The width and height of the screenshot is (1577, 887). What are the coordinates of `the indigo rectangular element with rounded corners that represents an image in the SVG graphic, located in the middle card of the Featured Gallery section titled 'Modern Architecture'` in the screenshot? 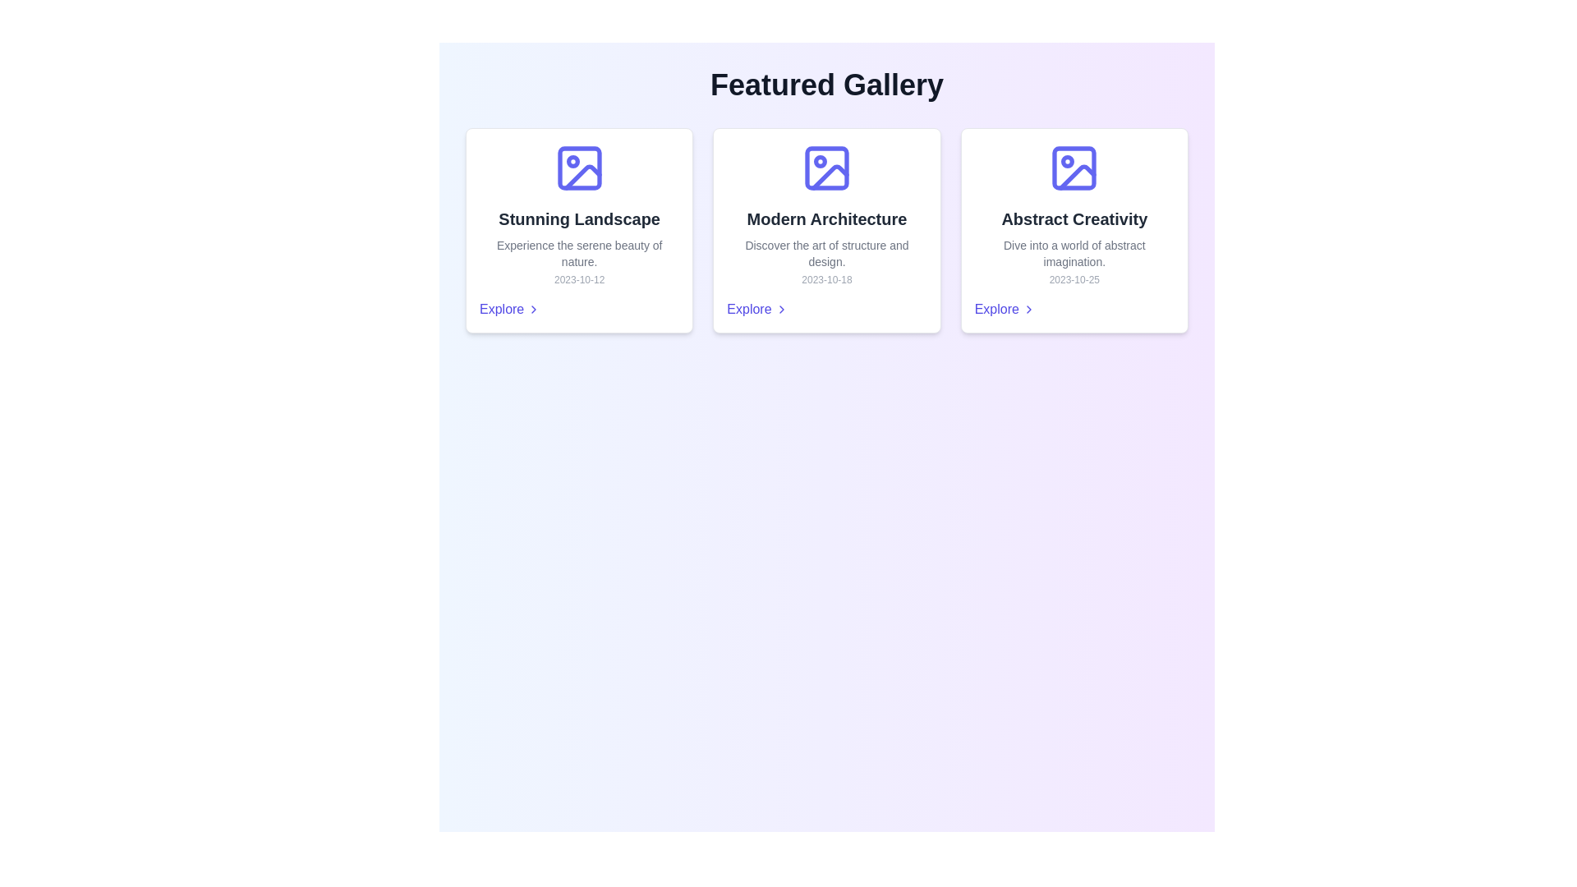 It's located at (827, 168).